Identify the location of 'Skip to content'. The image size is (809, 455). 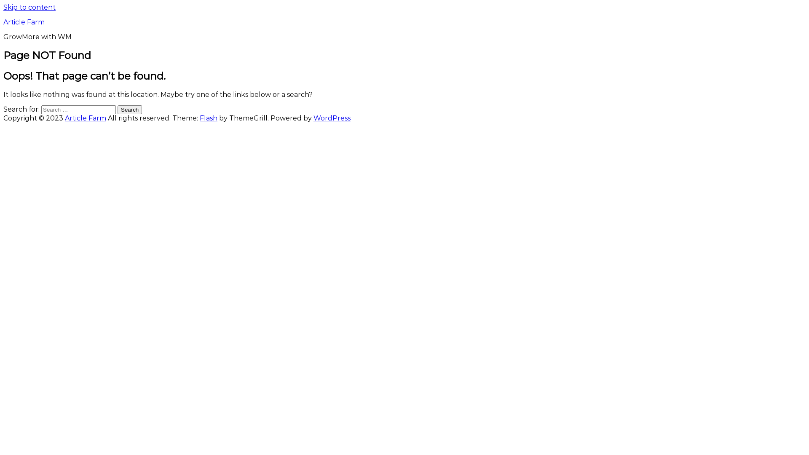
(29, 7).